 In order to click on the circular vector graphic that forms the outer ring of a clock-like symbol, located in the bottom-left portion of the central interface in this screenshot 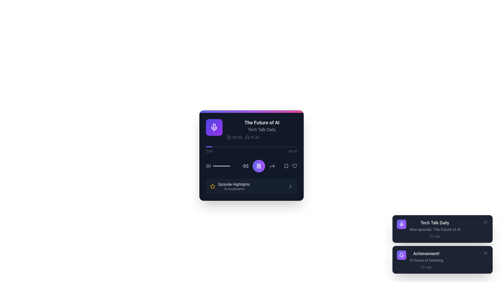, I will do `click(229, 137)`.